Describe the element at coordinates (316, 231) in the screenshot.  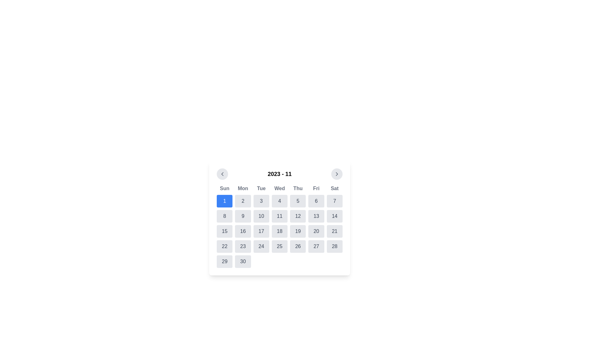
I see `the button representing the twentieth day in the calendar view` at that location.